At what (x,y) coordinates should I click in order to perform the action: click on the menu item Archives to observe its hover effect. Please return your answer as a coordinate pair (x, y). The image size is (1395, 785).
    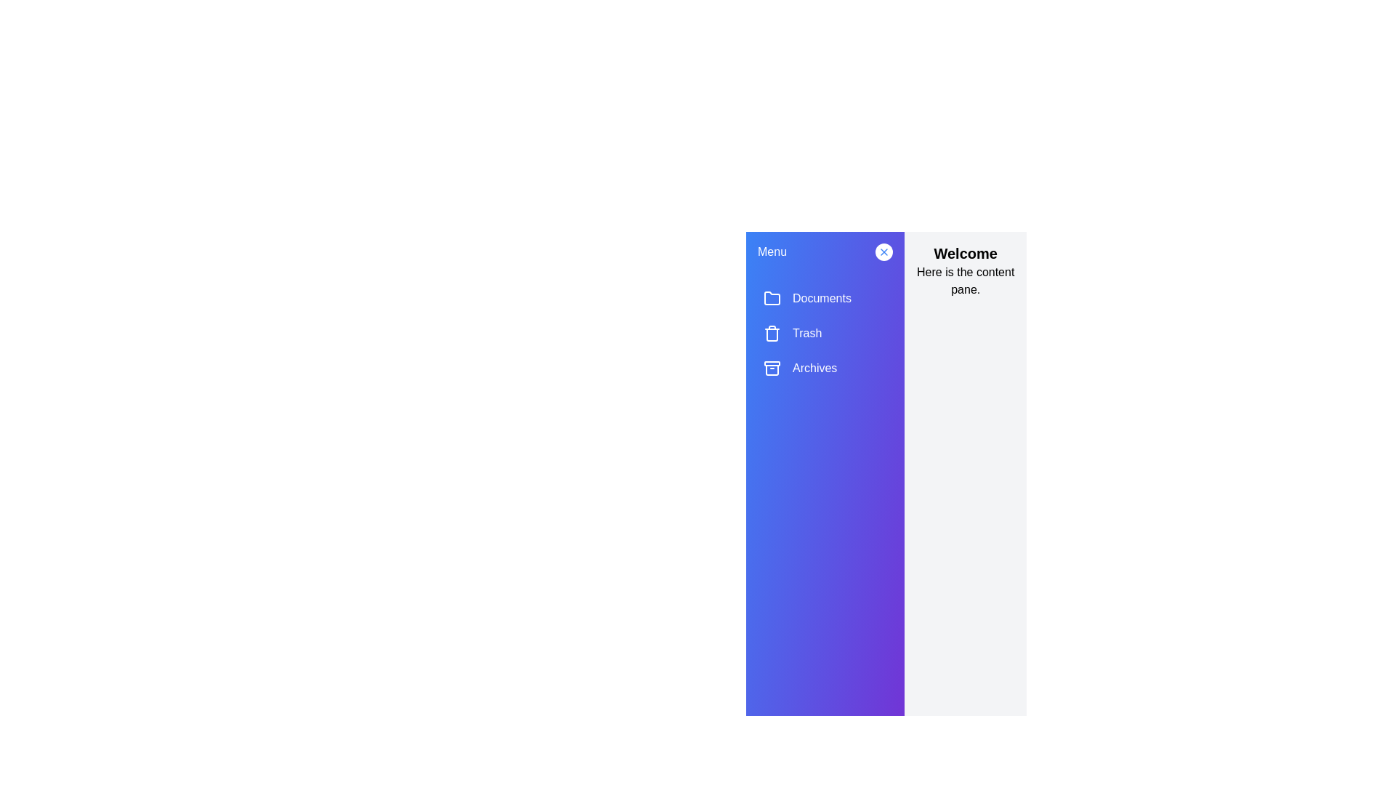
    Looking at the image, I should click on (825, 367).